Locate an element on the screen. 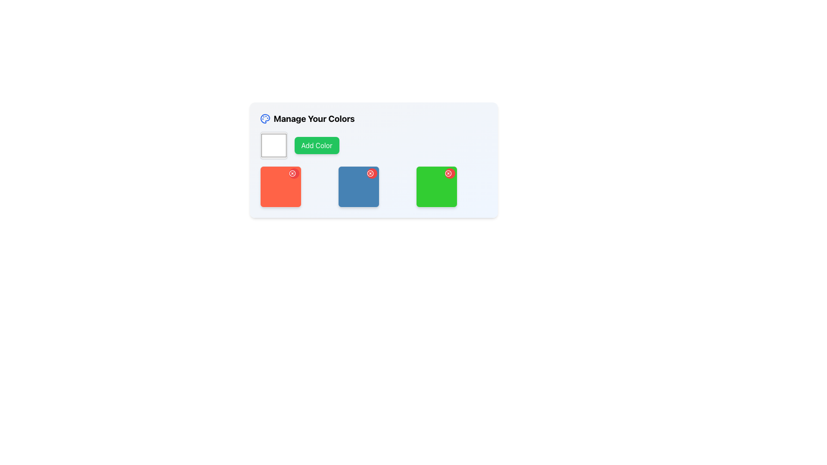  to select the selectable block with an interactive control located in the second column of a three-column grid layout, positioned between a red block on the left and a green block on the right is located at coordinates (358, 186).